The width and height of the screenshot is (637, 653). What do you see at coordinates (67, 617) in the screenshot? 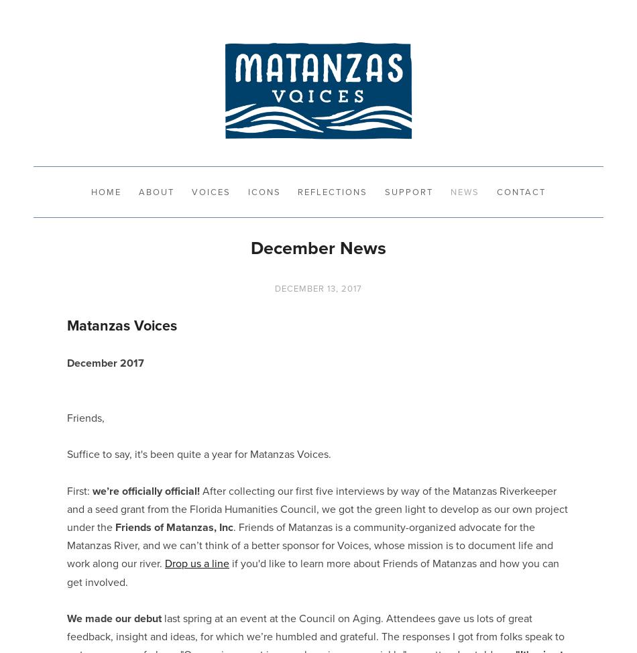
I see `'We made our debut'` at bounding box center [67, 617].